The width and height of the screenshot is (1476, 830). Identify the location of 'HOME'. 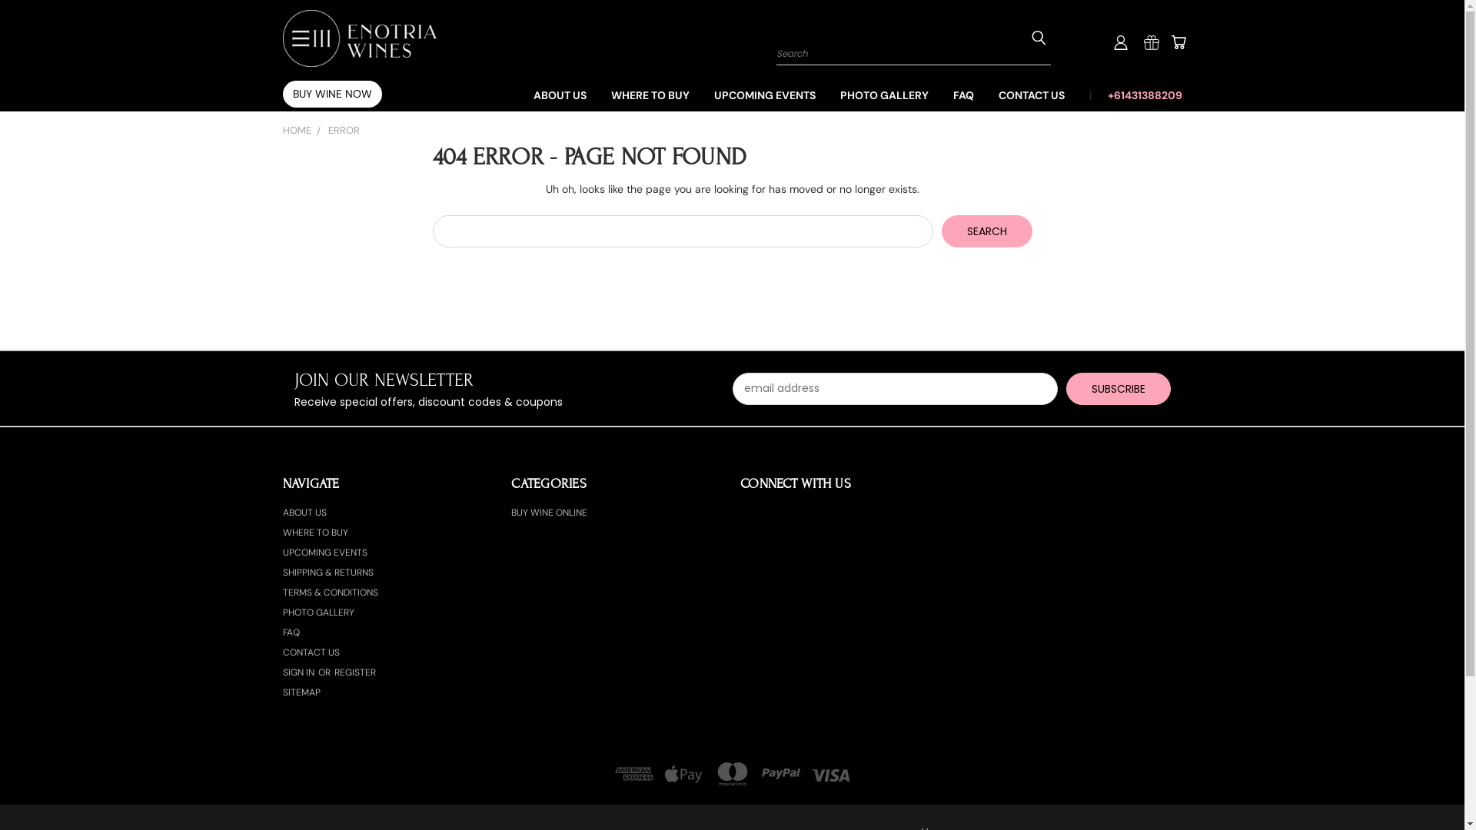
(297, 129).